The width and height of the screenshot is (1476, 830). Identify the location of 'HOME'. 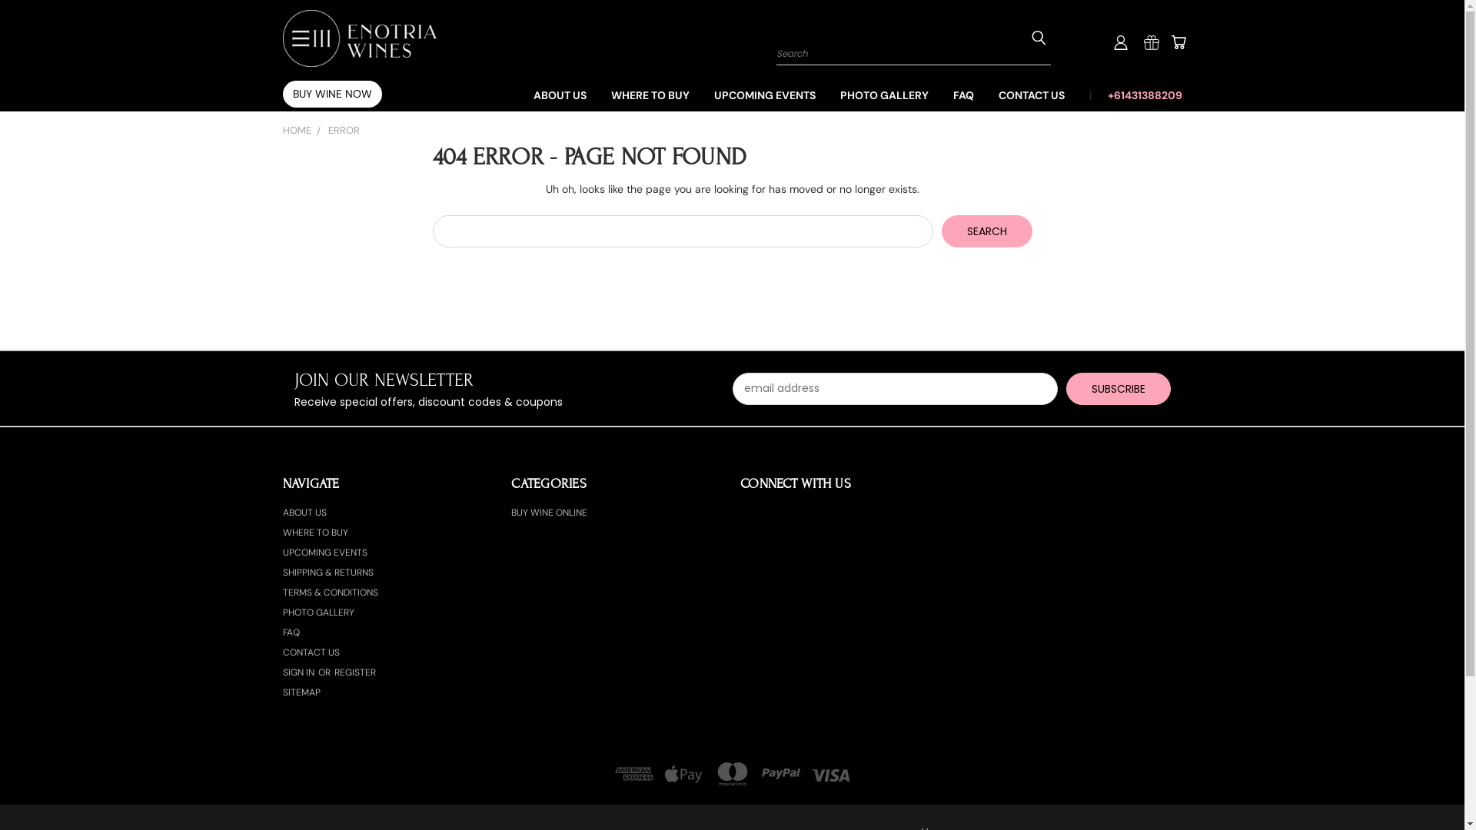
(297, 129).